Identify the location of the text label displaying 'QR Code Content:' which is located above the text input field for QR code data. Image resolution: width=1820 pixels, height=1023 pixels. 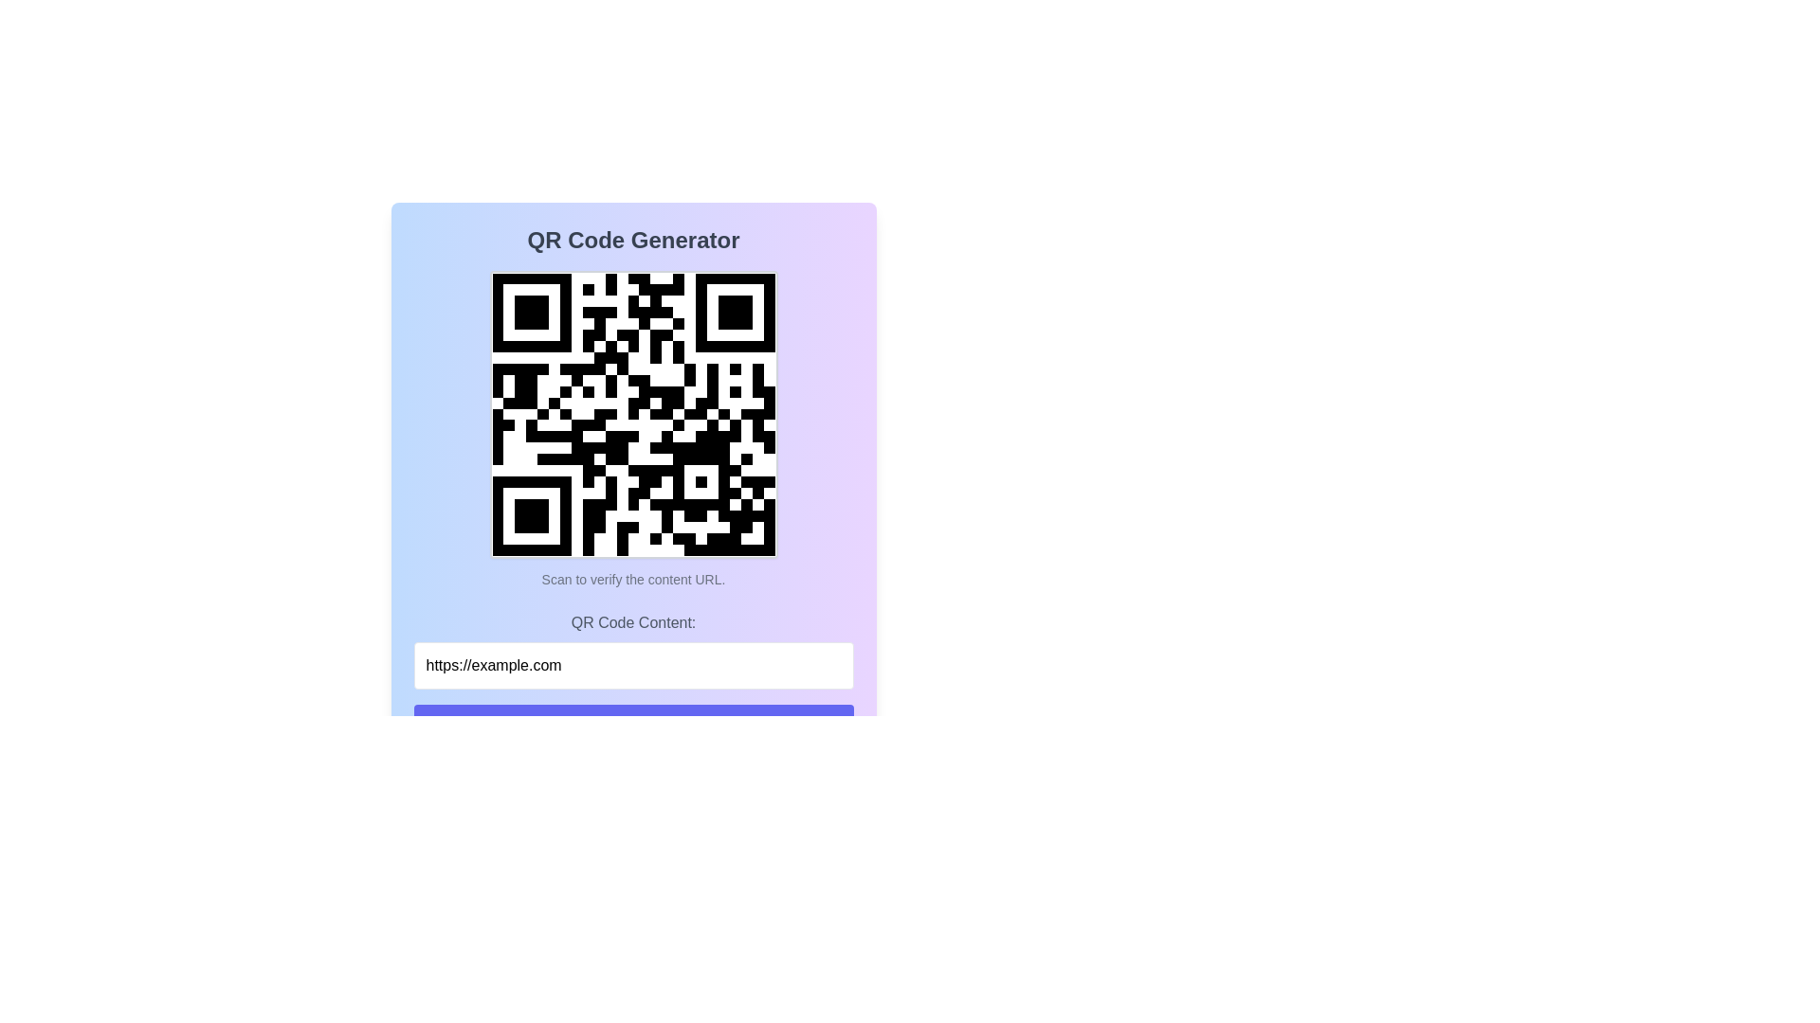
(633, 623).